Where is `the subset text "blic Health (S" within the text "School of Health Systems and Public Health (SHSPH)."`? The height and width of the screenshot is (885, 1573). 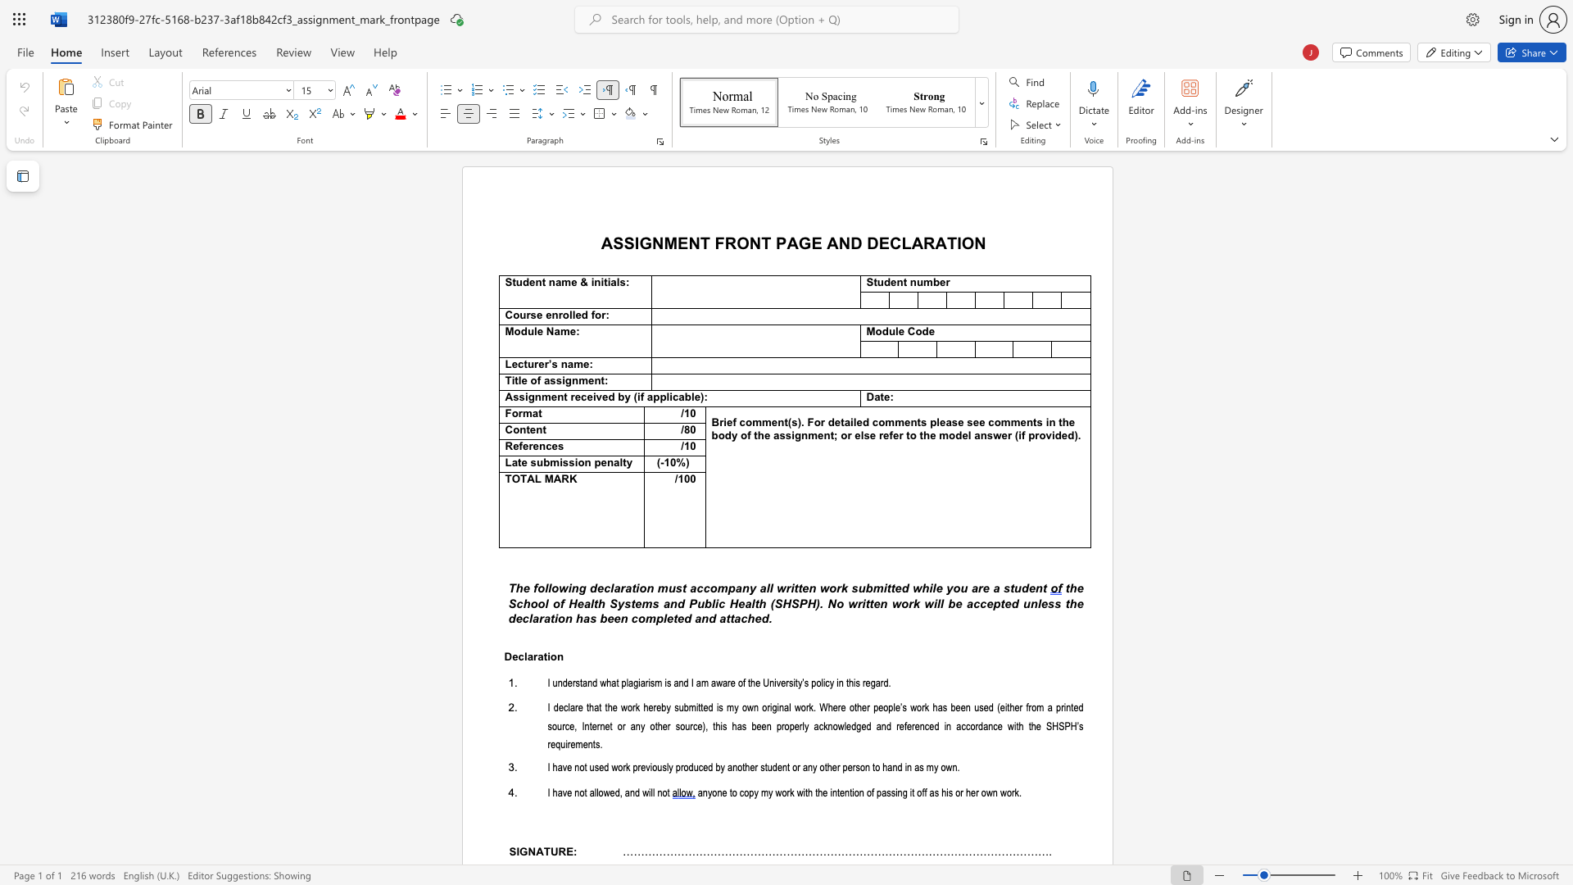
the subset text "blic Health (S" within the text "School of Health Systems and Public Health (SHSPH)." is located at coordinates (704, 603).